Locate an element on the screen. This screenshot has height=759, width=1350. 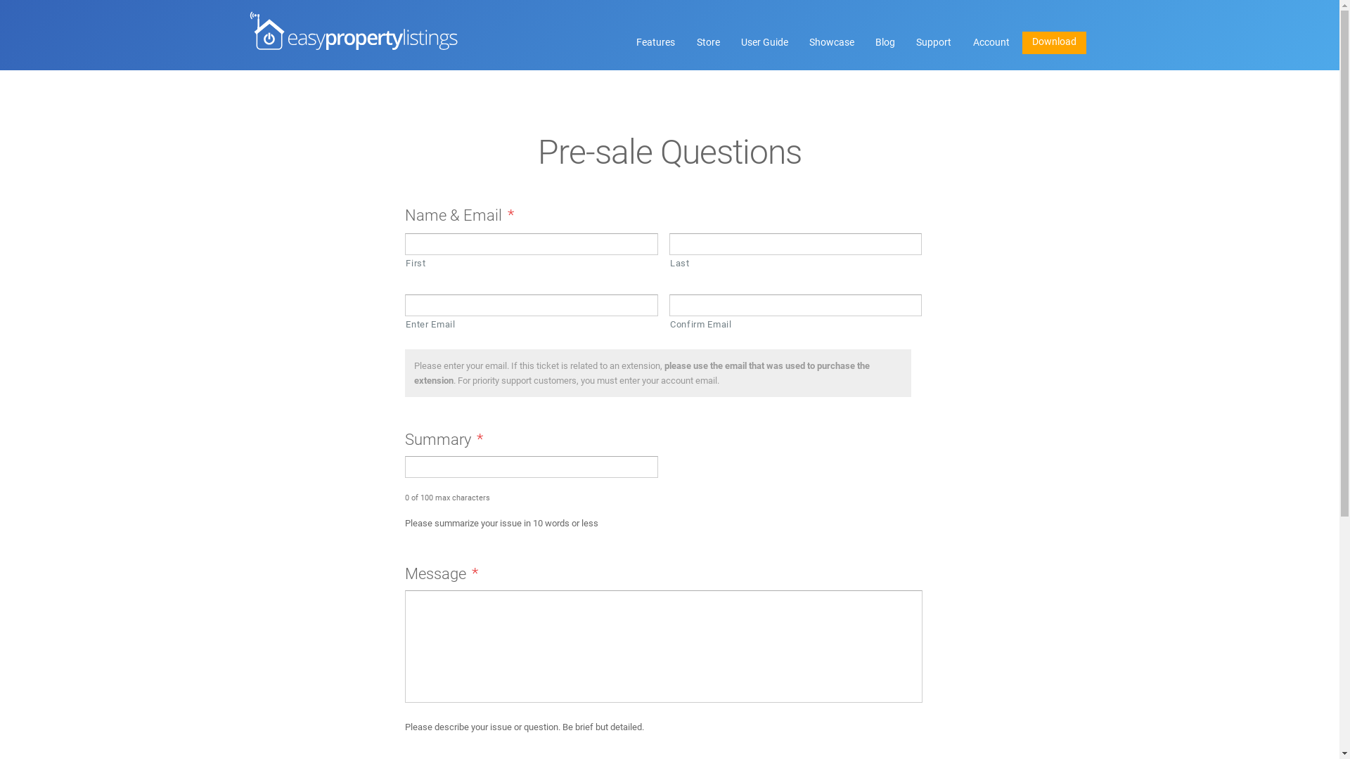
'Download' is located at coordinates (1054, 42).